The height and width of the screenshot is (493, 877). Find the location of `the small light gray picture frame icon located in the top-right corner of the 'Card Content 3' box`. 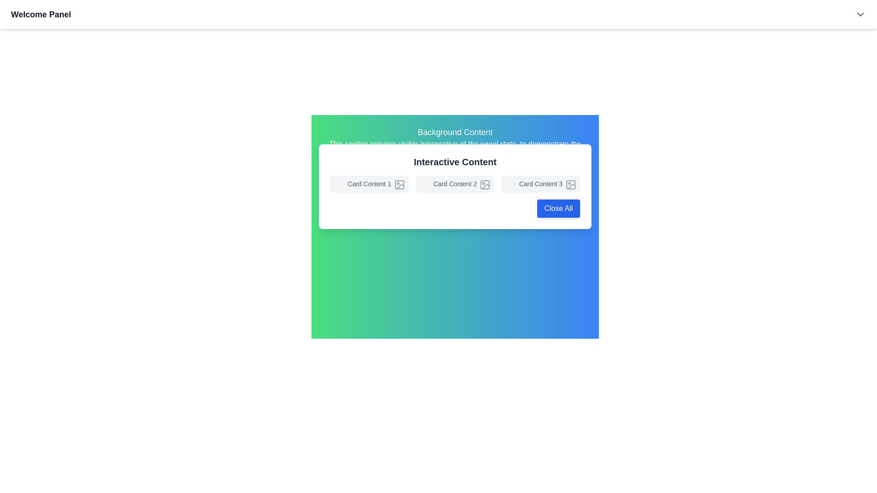

the small light gray picture frame icon located in the top-right corner of the 'Card Content 3' box is located at coordinates (570, 185).